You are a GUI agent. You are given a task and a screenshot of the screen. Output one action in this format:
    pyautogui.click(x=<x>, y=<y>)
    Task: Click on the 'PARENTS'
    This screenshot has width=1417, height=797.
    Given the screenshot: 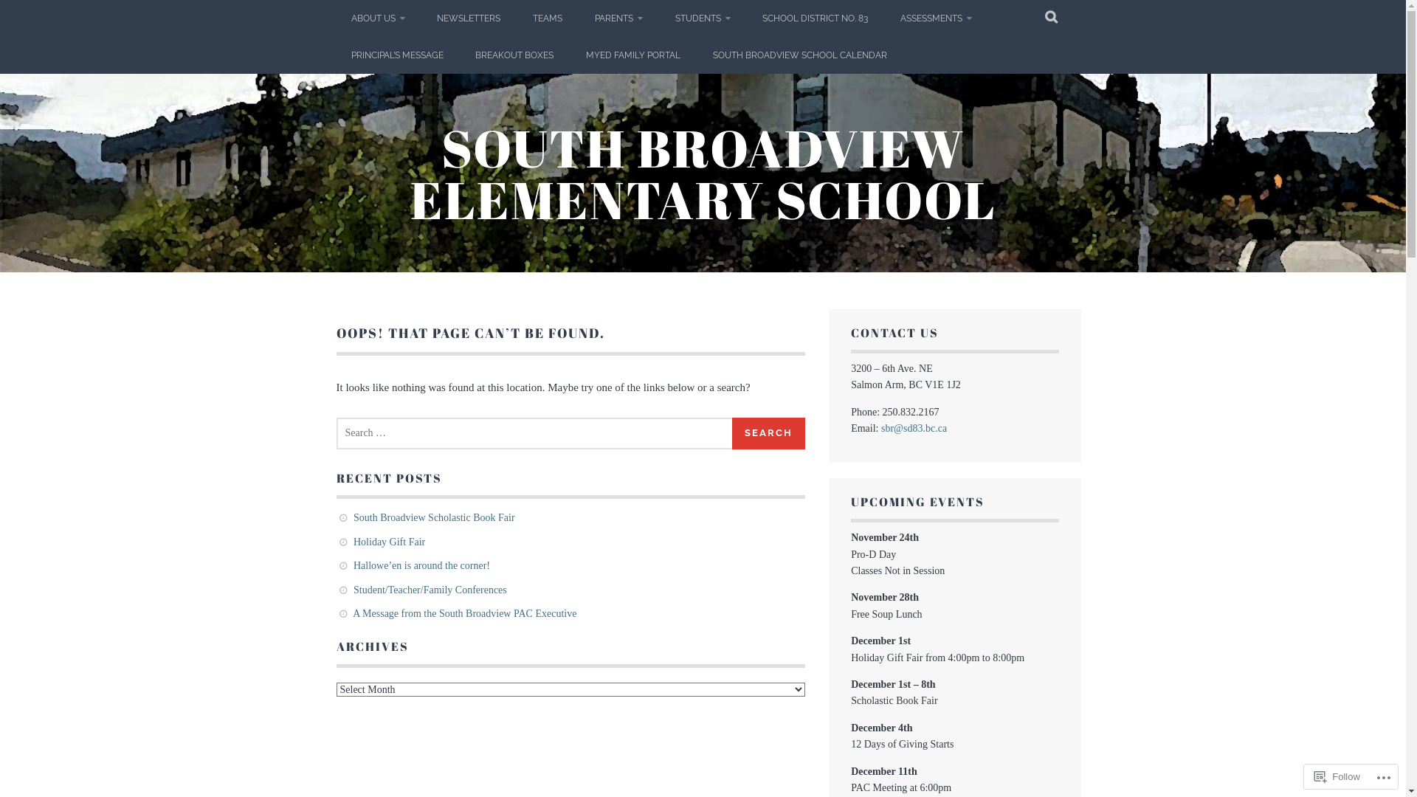 What is the action you would take?
    pyautogui.click(x=618, y=18)
    